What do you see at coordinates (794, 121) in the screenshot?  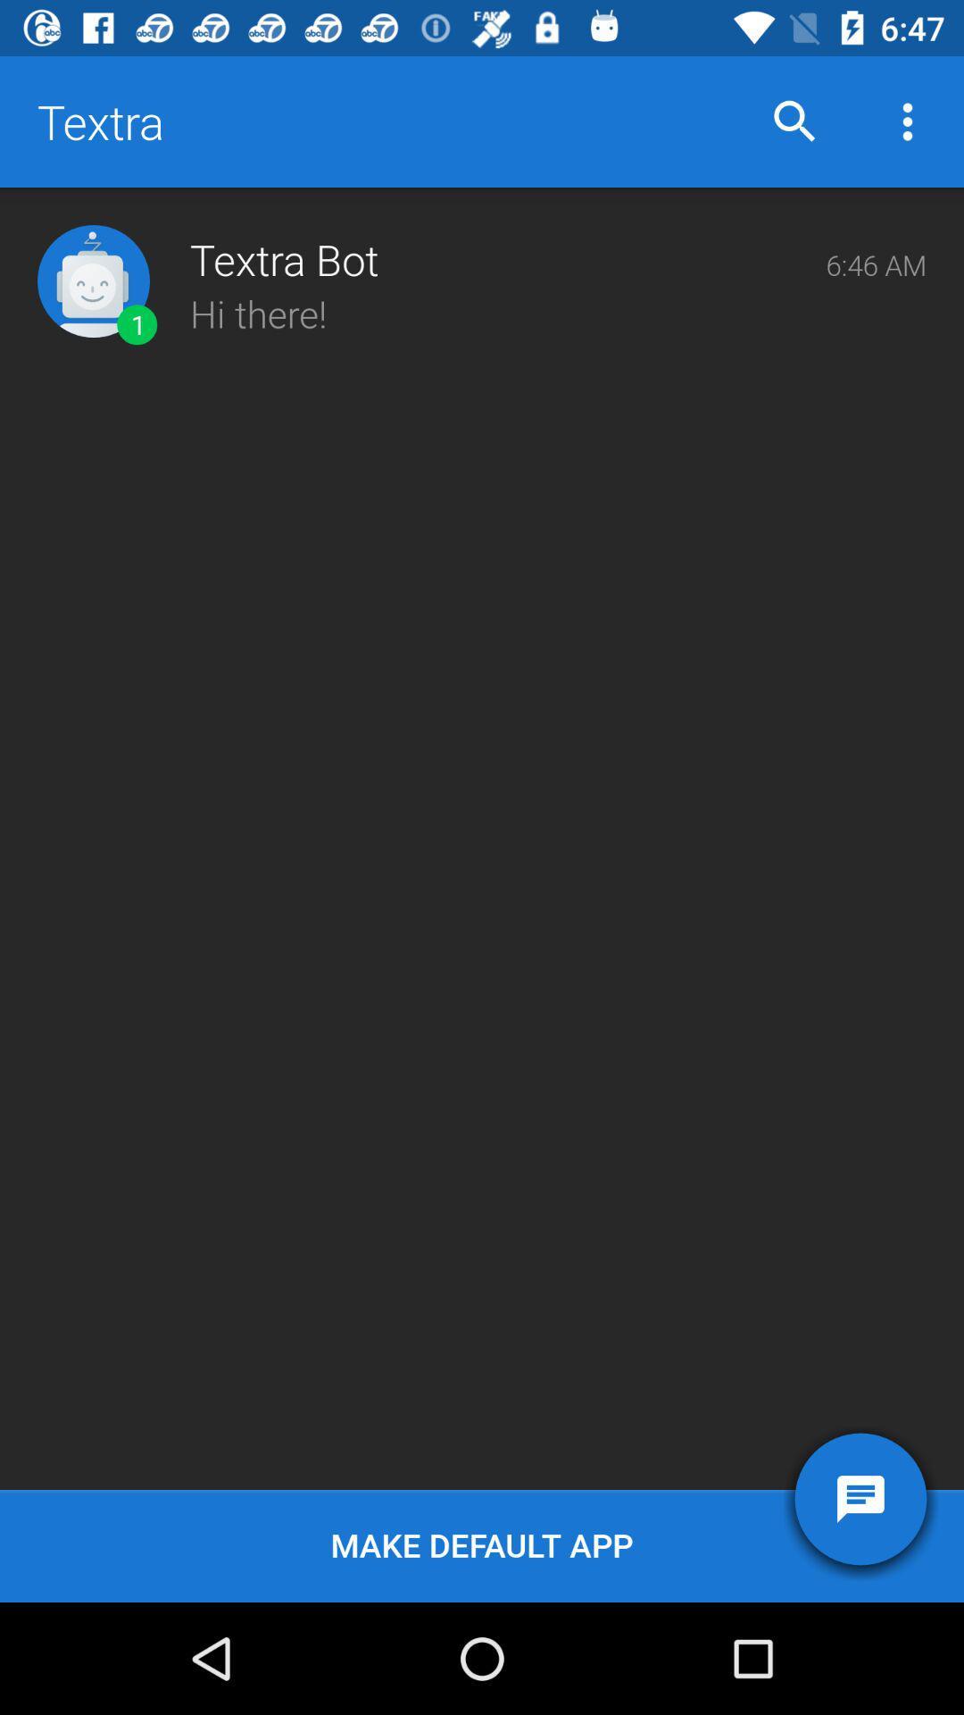 I see `icon above textra bot icon` at bounding box center [794, 121].